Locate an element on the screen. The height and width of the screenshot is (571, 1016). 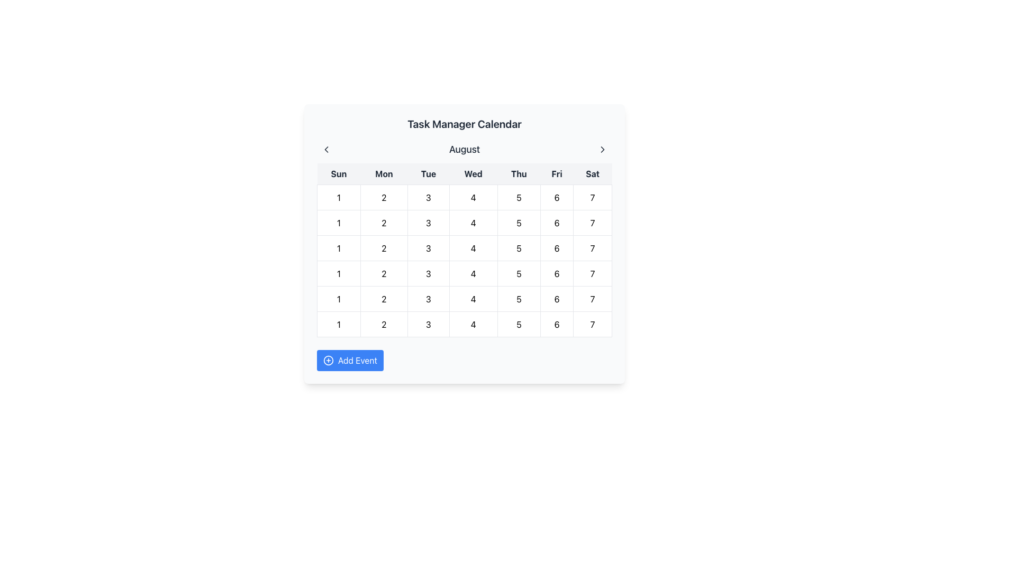
the text label representing the 5th day in the calendar grid under 'Task Manager Calendar' for the month of August, specifically located in the first week's row and Thursday's column is located at coordinates (519, 324).